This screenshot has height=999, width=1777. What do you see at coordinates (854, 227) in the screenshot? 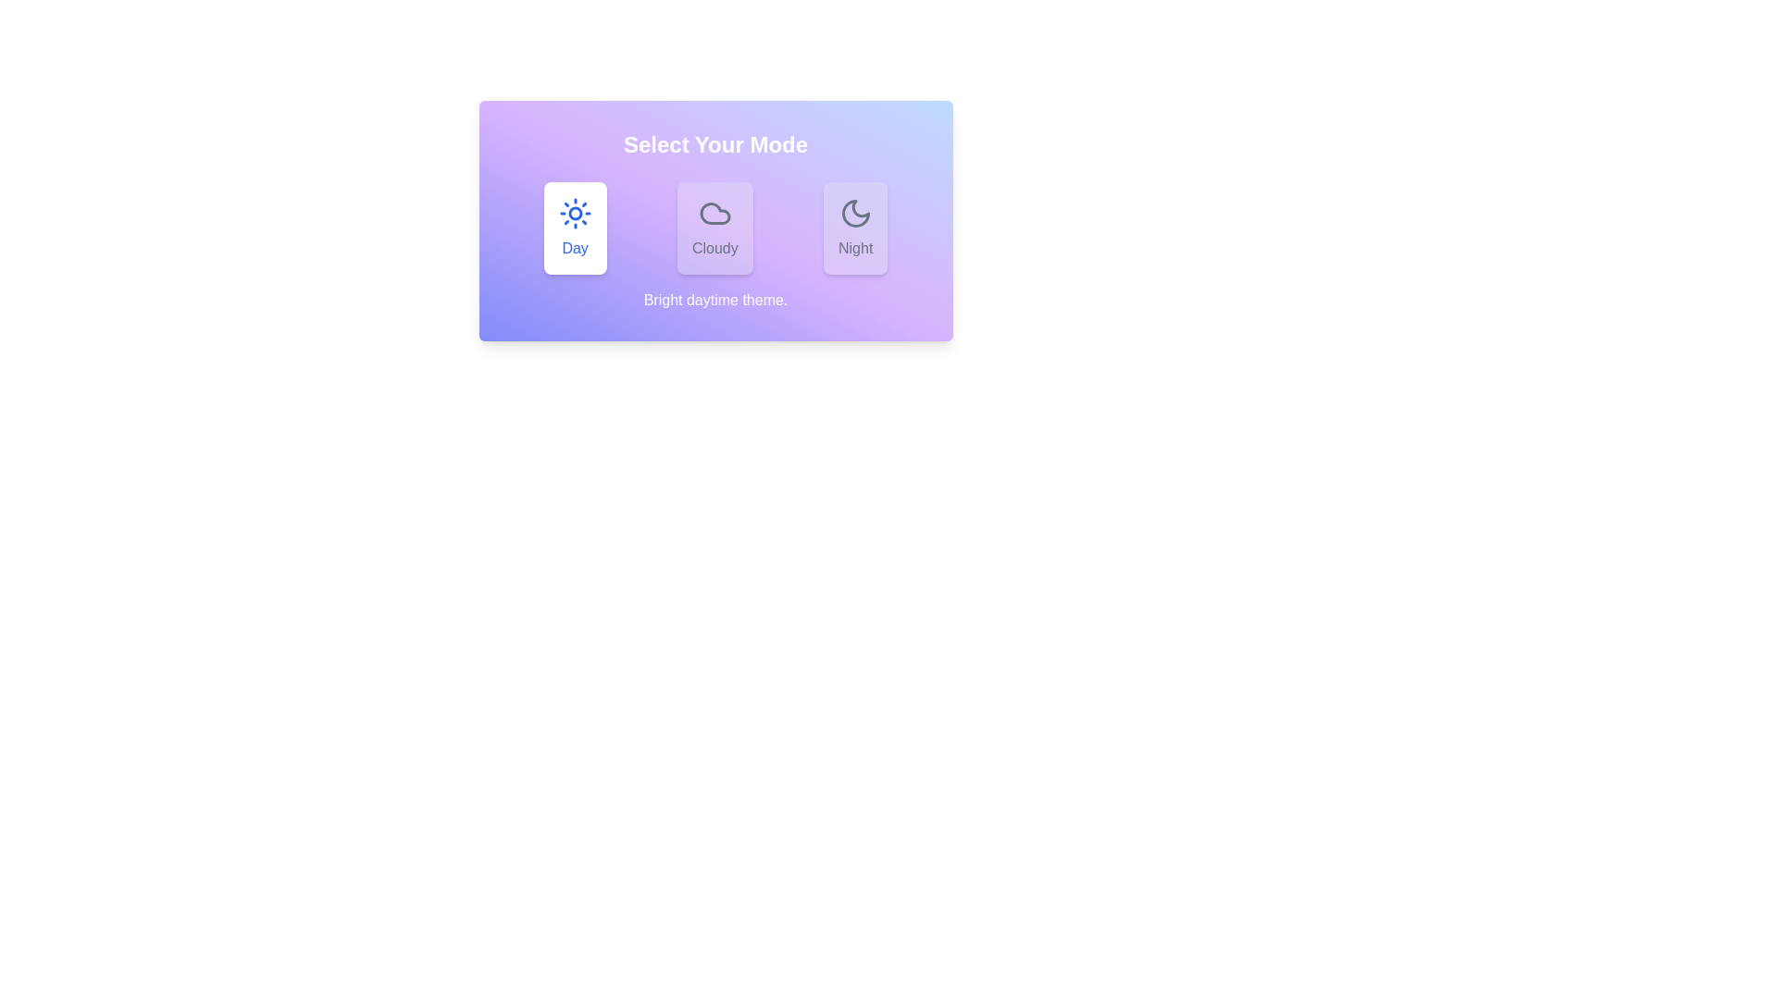
I see `the theme Night by clicking on its button` at bounding box center [854, 227].